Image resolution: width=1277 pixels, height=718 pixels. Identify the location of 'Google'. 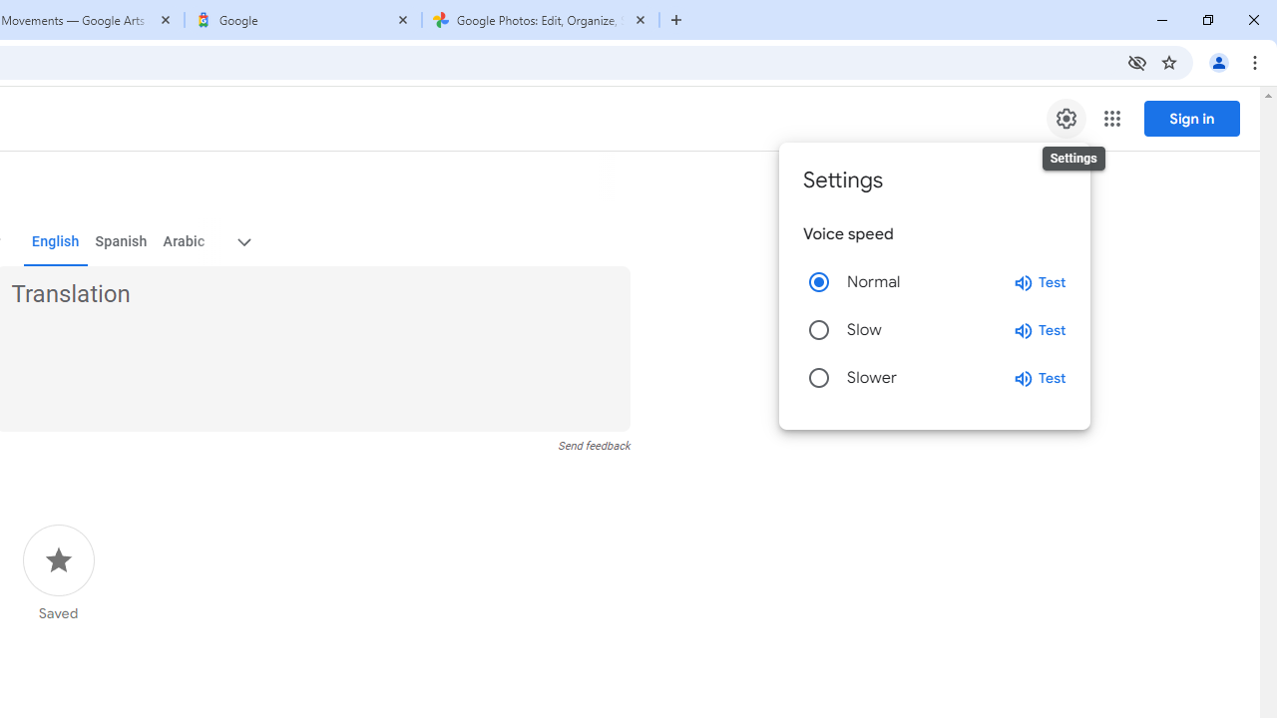
(302, 20).